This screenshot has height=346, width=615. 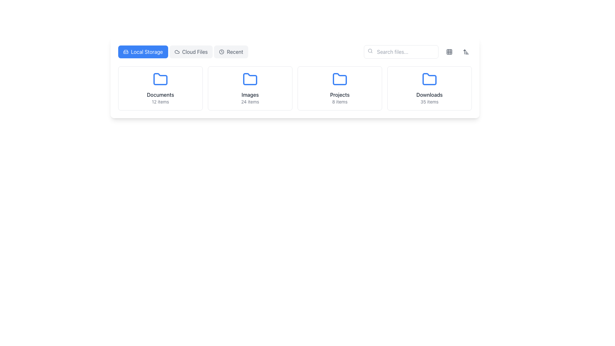 What do you see at coordinates (339, 78) in the screenshot?
I see `the SVG icon representing the 'Projects' folder, which is the third item from the left in the second row of folder items` at bounding box center [339, 78].